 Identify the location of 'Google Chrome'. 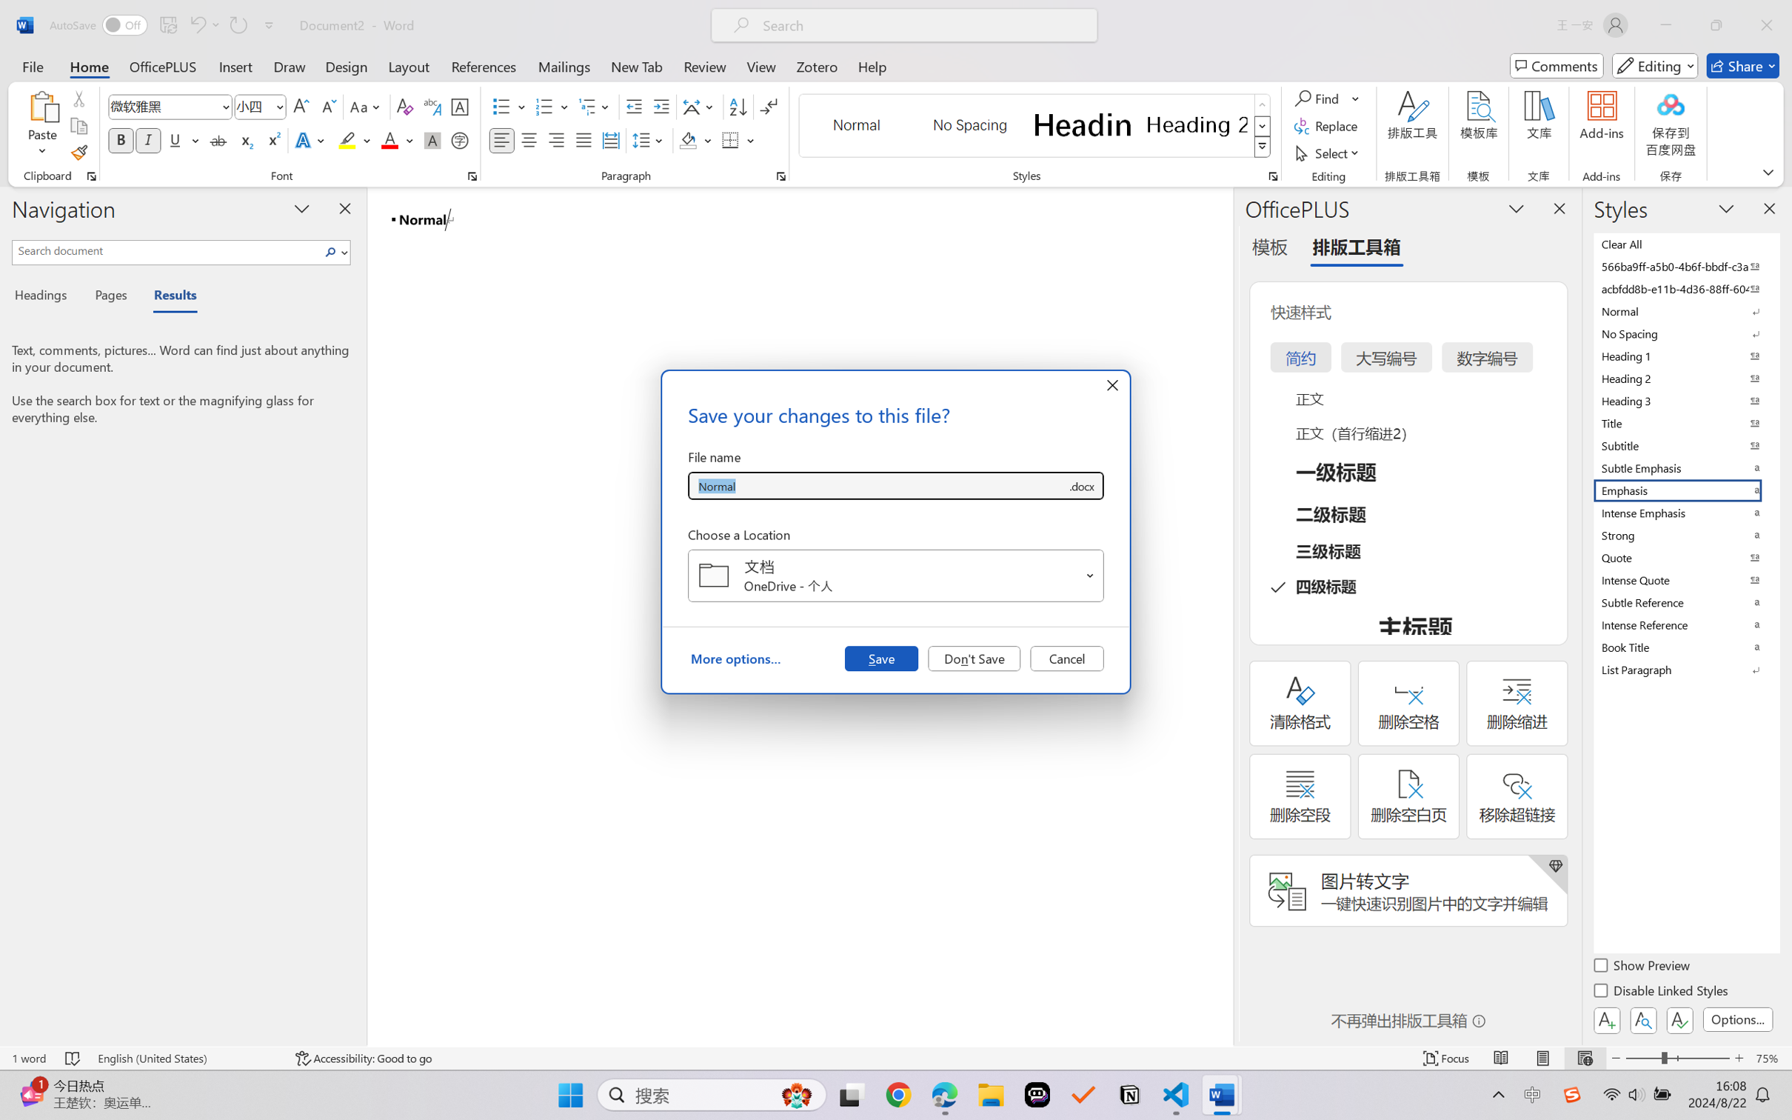
(898, 1095).